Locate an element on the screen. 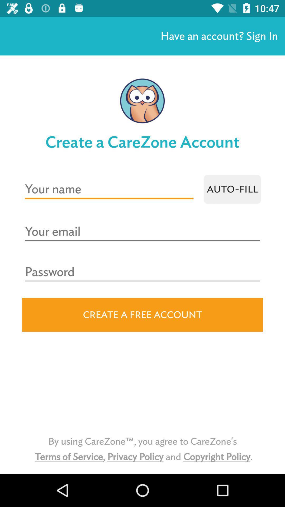 This screenshot has width=285, height=507. name input field is located at coordinates (109, 189).